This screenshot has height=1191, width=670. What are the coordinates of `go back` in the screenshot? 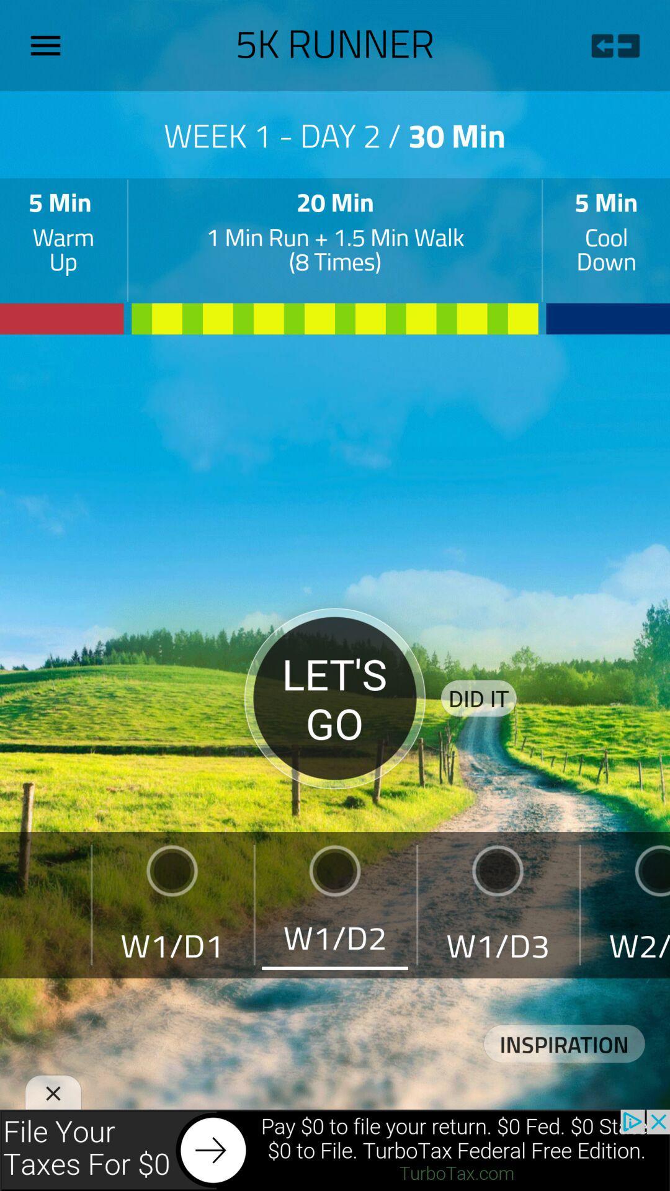 It's located at (615, 45).